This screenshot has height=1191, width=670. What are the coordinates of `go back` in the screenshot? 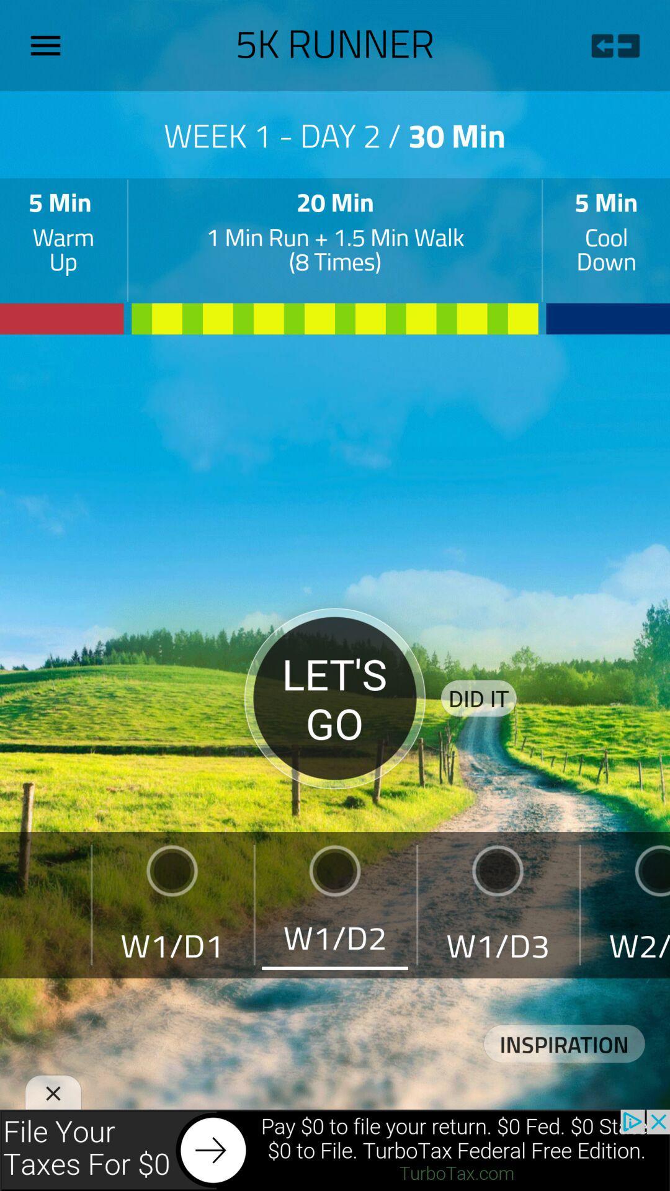 It's located at (615, 45).